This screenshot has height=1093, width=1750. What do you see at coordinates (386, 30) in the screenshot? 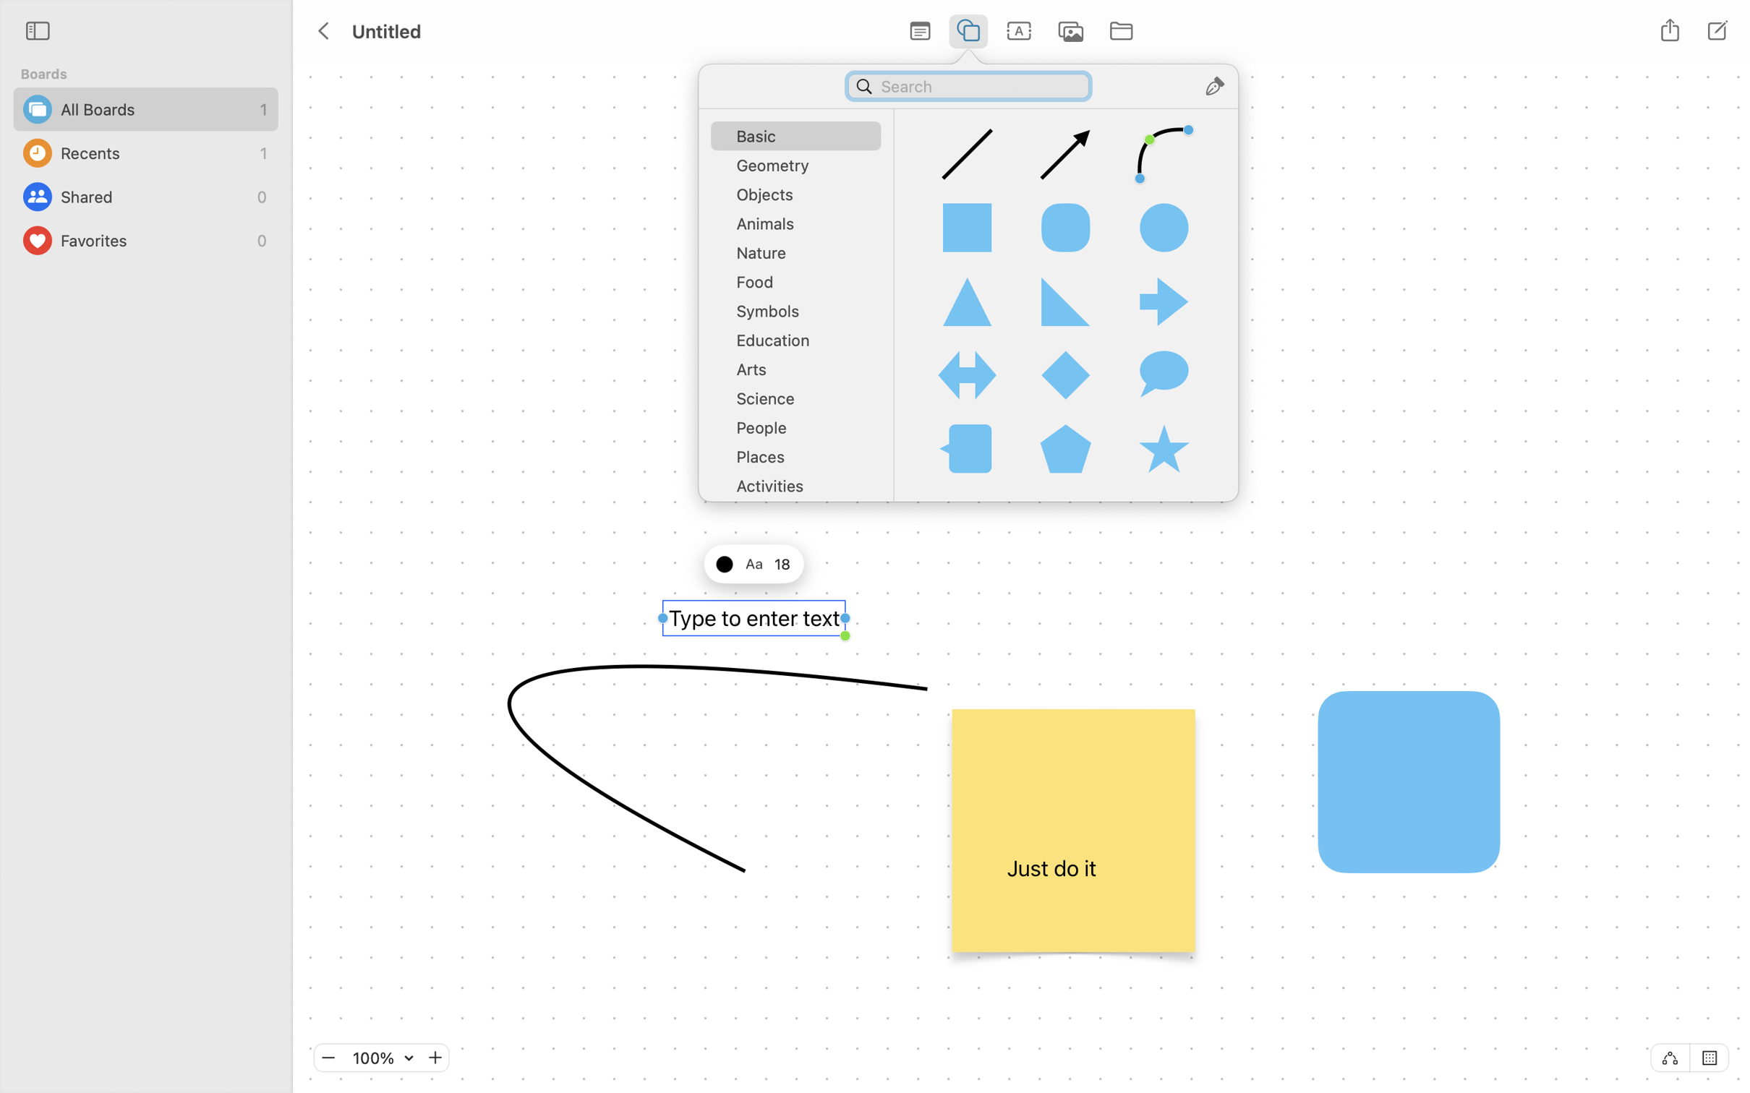
I see `'Untitled'` at bounding box center [386, 30].